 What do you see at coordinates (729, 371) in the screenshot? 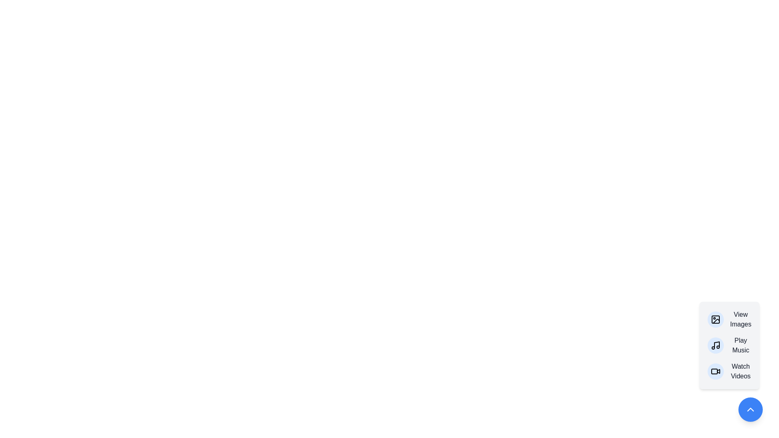
I see `the menu item corresponding to Watch Videos` at bounding box center [729, 371].